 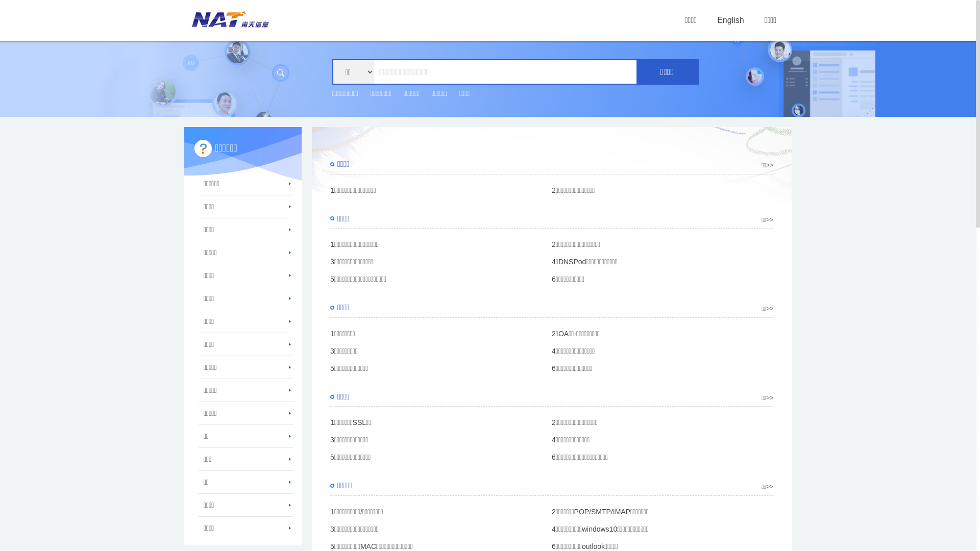 I want to click on 'English', so click(x=729, y=20).